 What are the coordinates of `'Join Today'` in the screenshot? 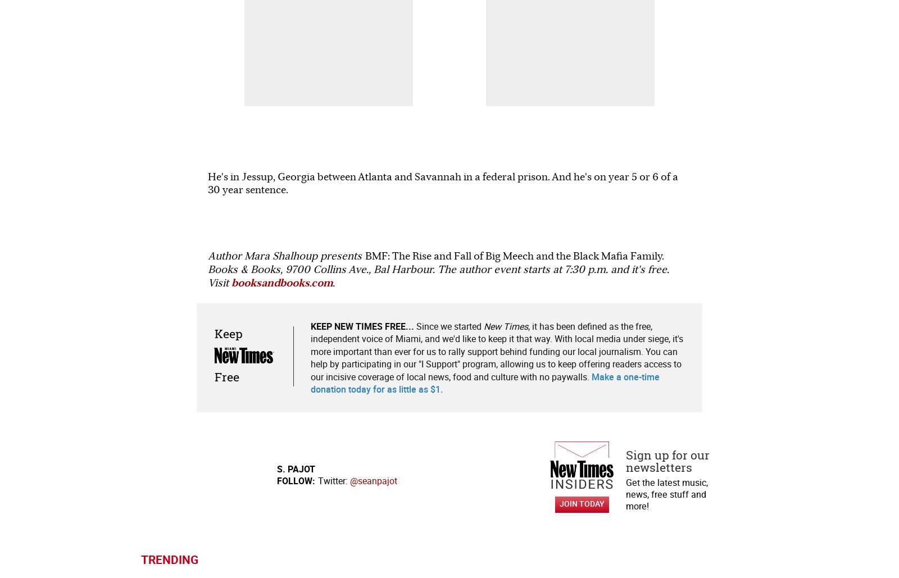 It's located at (582, 122).